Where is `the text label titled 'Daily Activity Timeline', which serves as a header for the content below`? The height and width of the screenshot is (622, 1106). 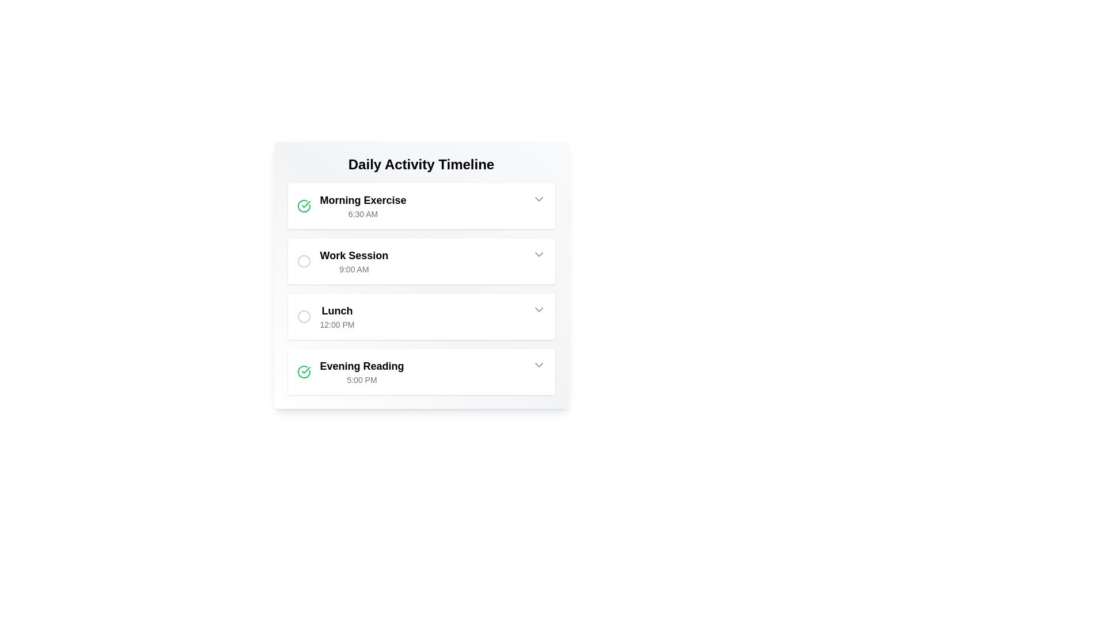 the text label titled 'Daily Activity Timeline', which serves as a header for the content below is located at coordinates (421, 164).